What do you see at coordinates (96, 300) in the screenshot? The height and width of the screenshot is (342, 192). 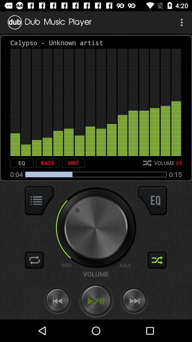 I see `the icon below the volume item` at bounding box center [96, 300].